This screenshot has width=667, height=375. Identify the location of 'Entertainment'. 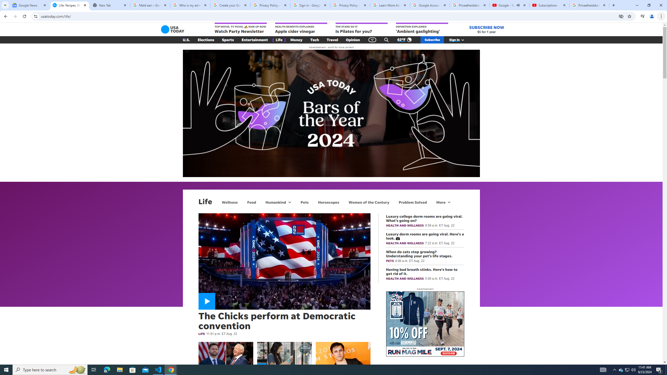
(255, 40).